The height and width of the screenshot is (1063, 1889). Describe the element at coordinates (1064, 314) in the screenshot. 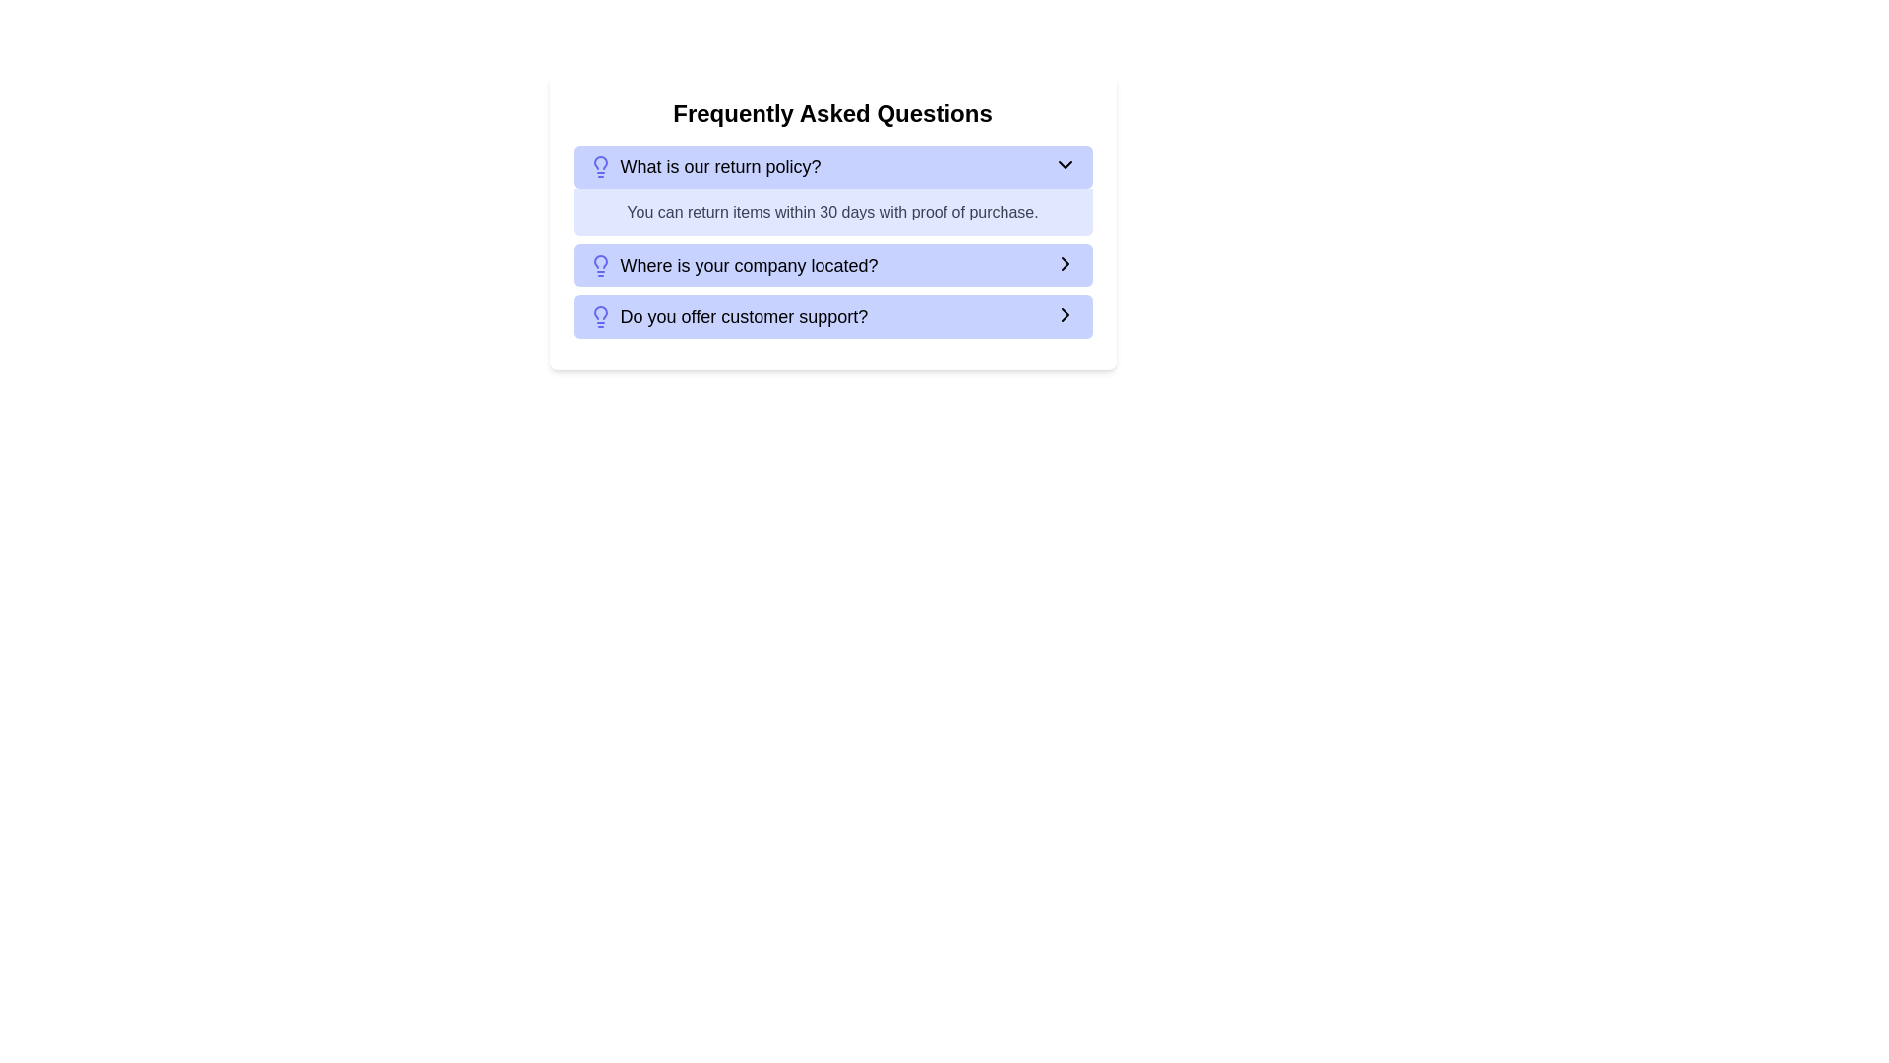

I see `the arrow icon located on the right side of the 'Do you offer customer support?' text` at that location.